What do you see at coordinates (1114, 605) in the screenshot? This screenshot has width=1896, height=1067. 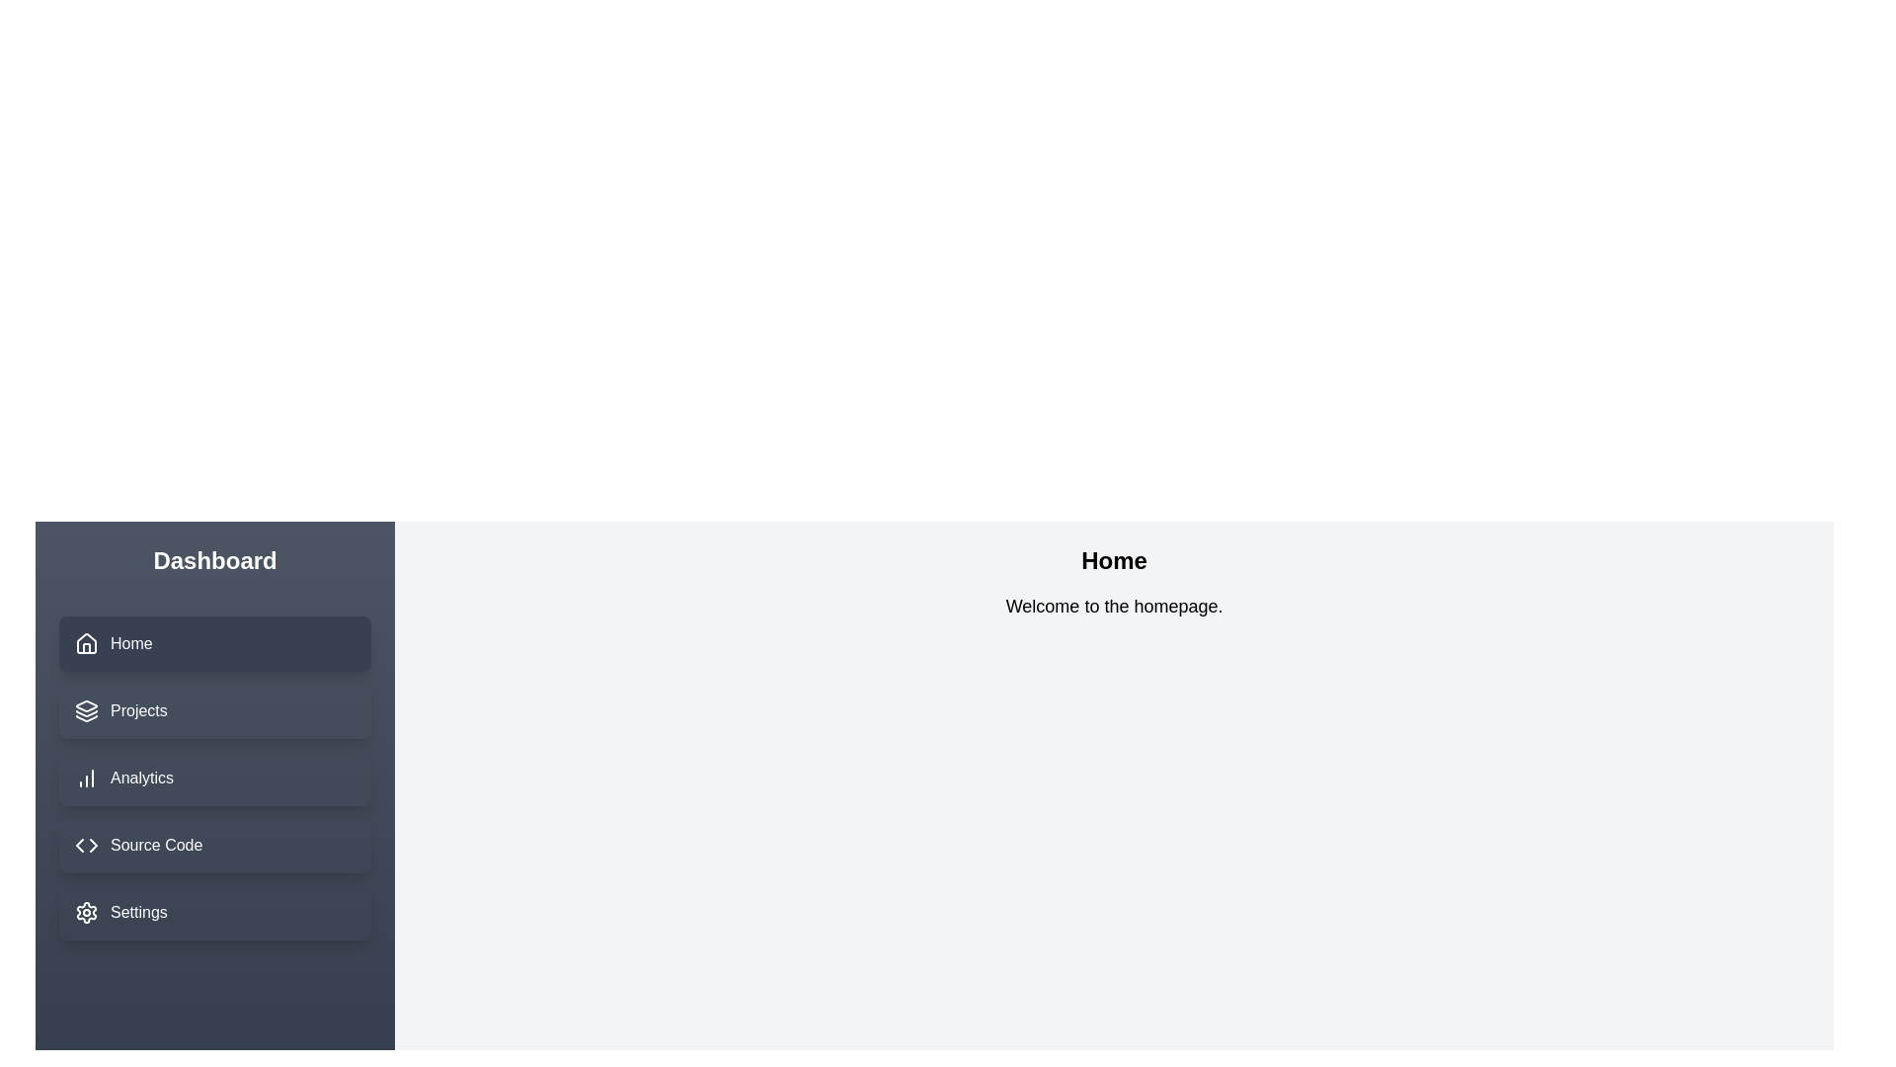 I see `the static text element that displays 'Welcome to the homepage.' located below the title 'Home'` at bounding box center [1114, 605].